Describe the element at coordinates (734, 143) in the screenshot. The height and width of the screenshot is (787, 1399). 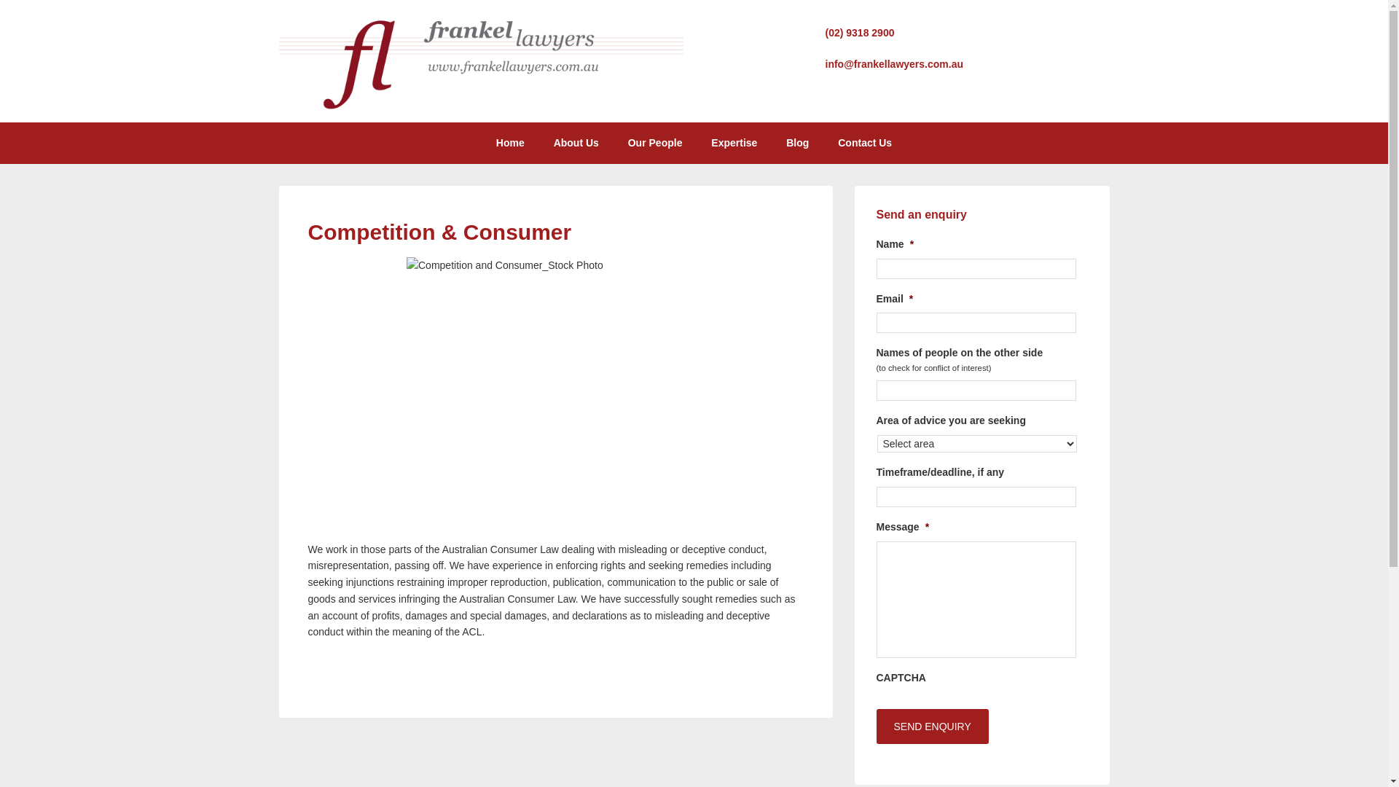
I see `'Expertise'` at that location.